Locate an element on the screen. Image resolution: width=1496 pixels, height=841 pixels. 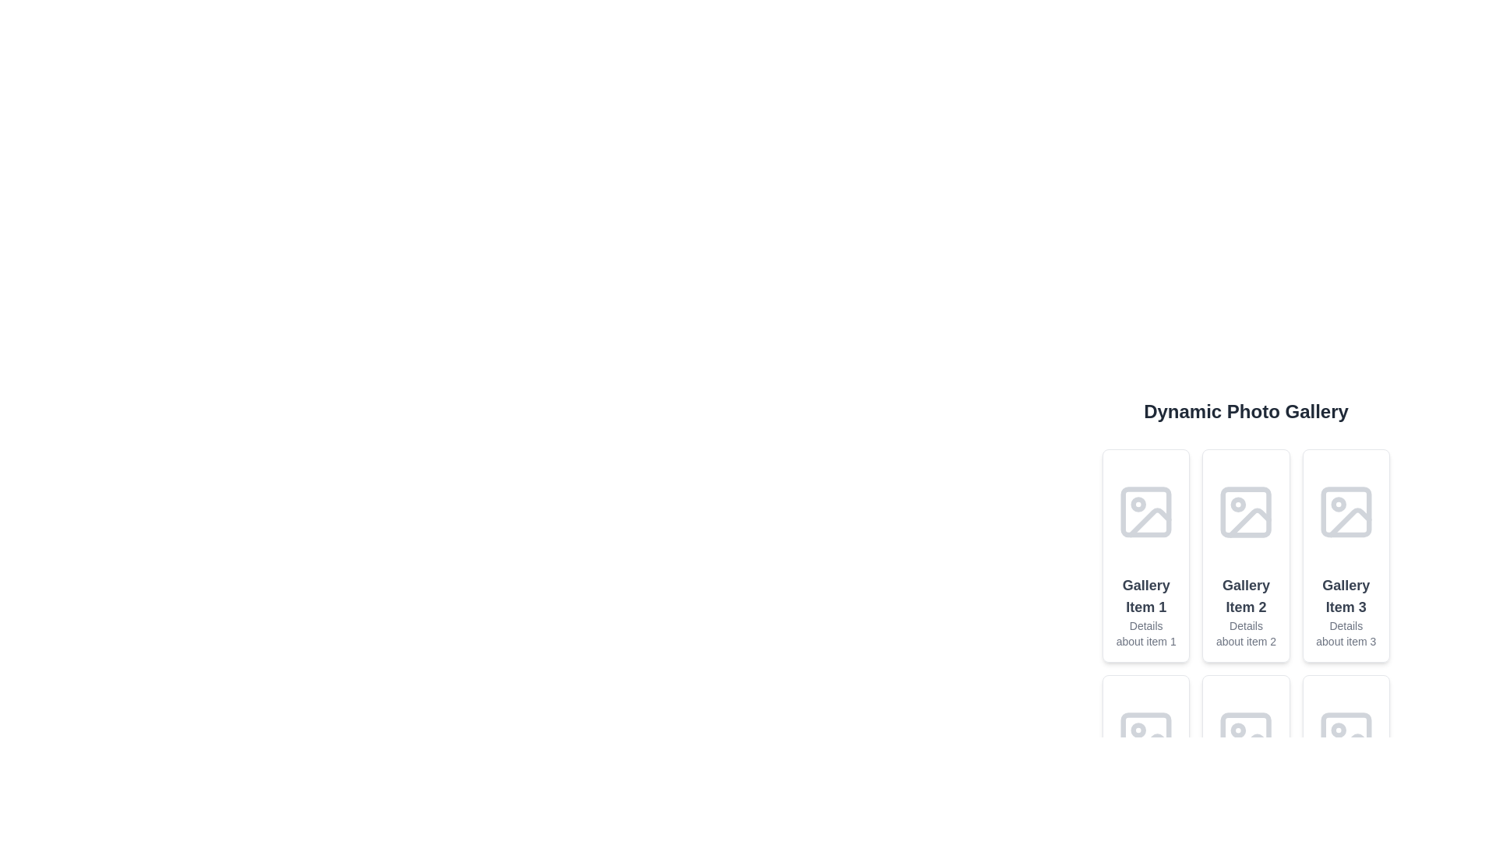
the small circle SVG graphical component located in the central portion of the 'Gallery Item 2' image icon, which is part of a horizontally arranged set of three gallery items is located at coordinates (1237, 505).